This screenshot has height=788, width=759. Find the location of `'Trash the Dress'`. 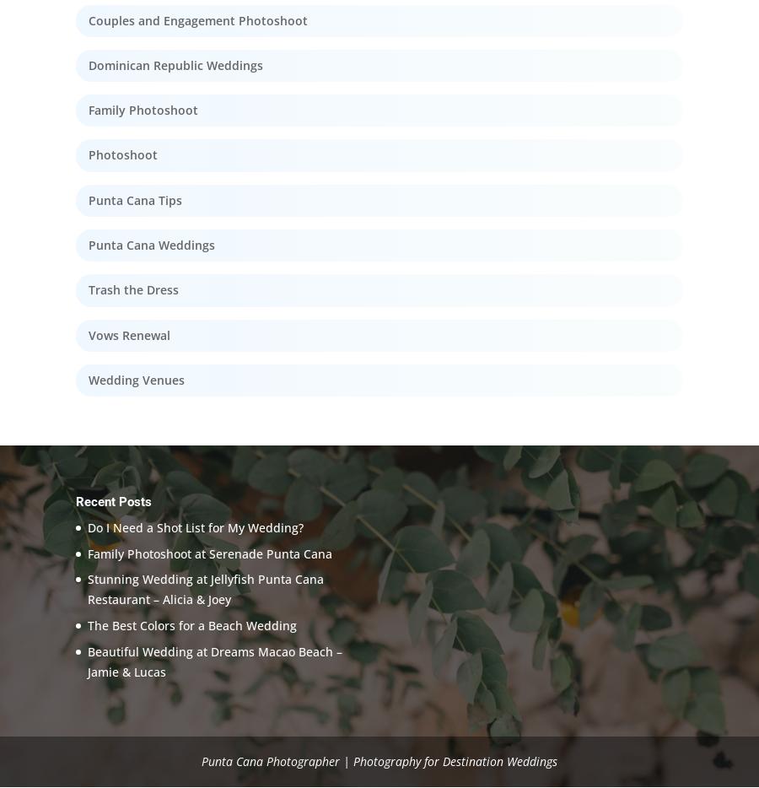

'Trash the Dress' is located at coordinates (133, 289).